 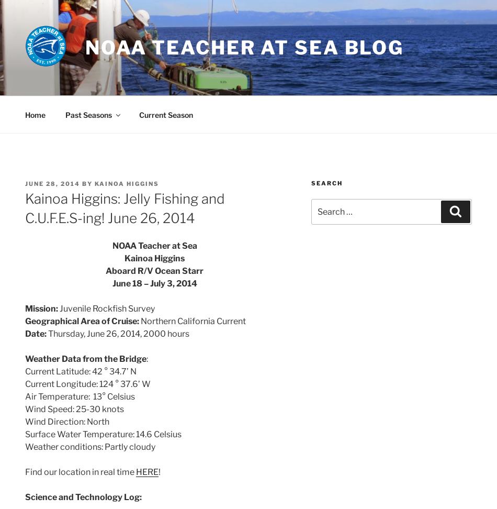 I want to click on 'Surface Water Temperature: 14.6 Celsius', so click(x=103, y=433).